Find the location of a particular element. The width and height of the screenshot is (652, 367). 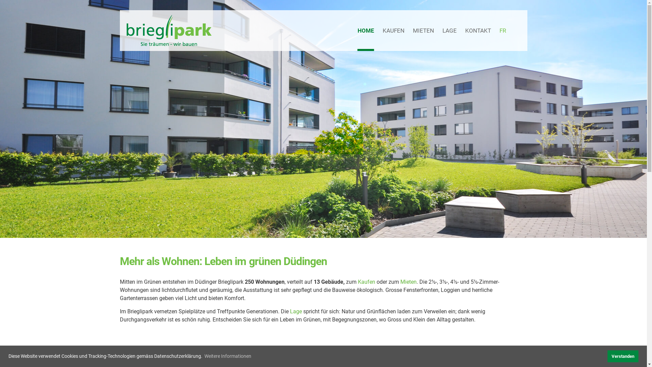

'LAGE' is located at coordinates (442, 30).